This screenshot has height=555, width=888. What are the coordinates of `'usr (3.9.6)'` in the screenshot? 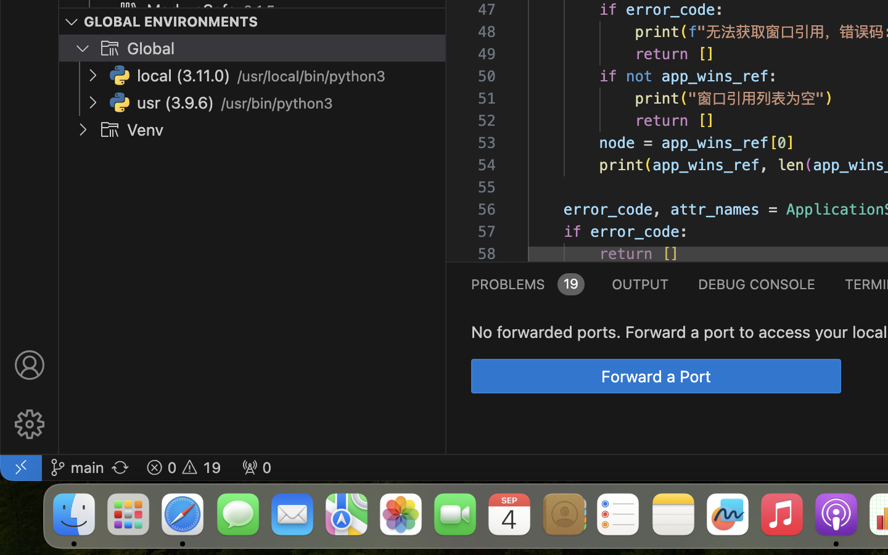 It's located at (175, 103).